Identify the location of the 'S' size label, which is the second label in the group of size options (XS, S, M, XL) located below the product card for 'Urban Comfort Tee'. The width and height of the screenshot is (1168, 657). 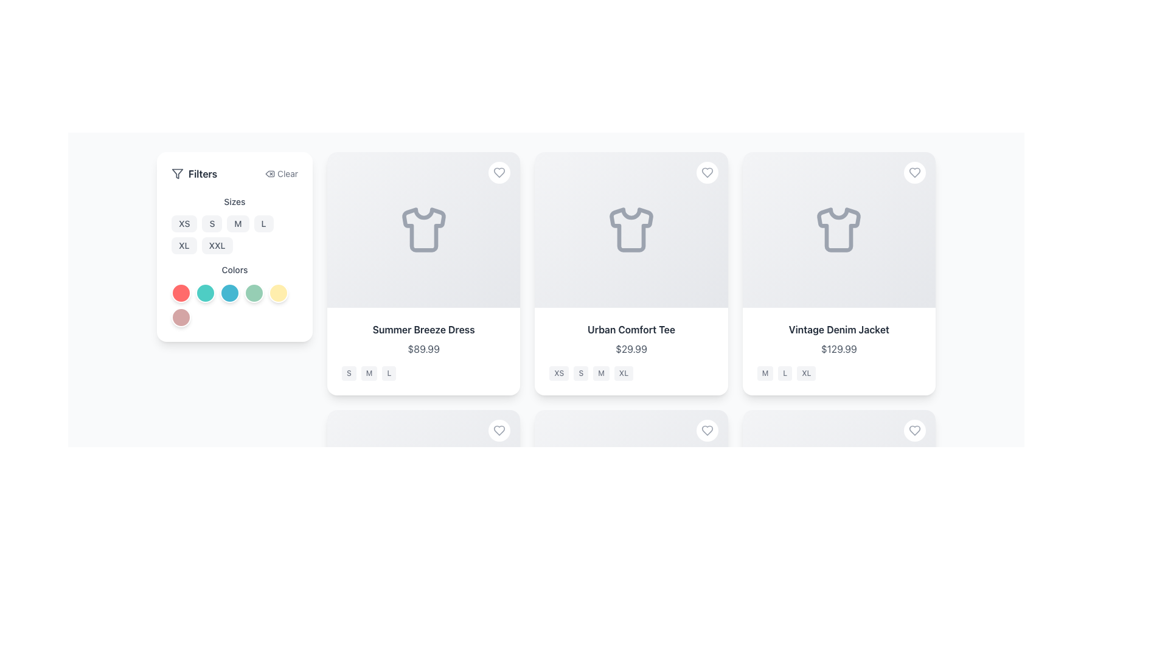
(580, 372).